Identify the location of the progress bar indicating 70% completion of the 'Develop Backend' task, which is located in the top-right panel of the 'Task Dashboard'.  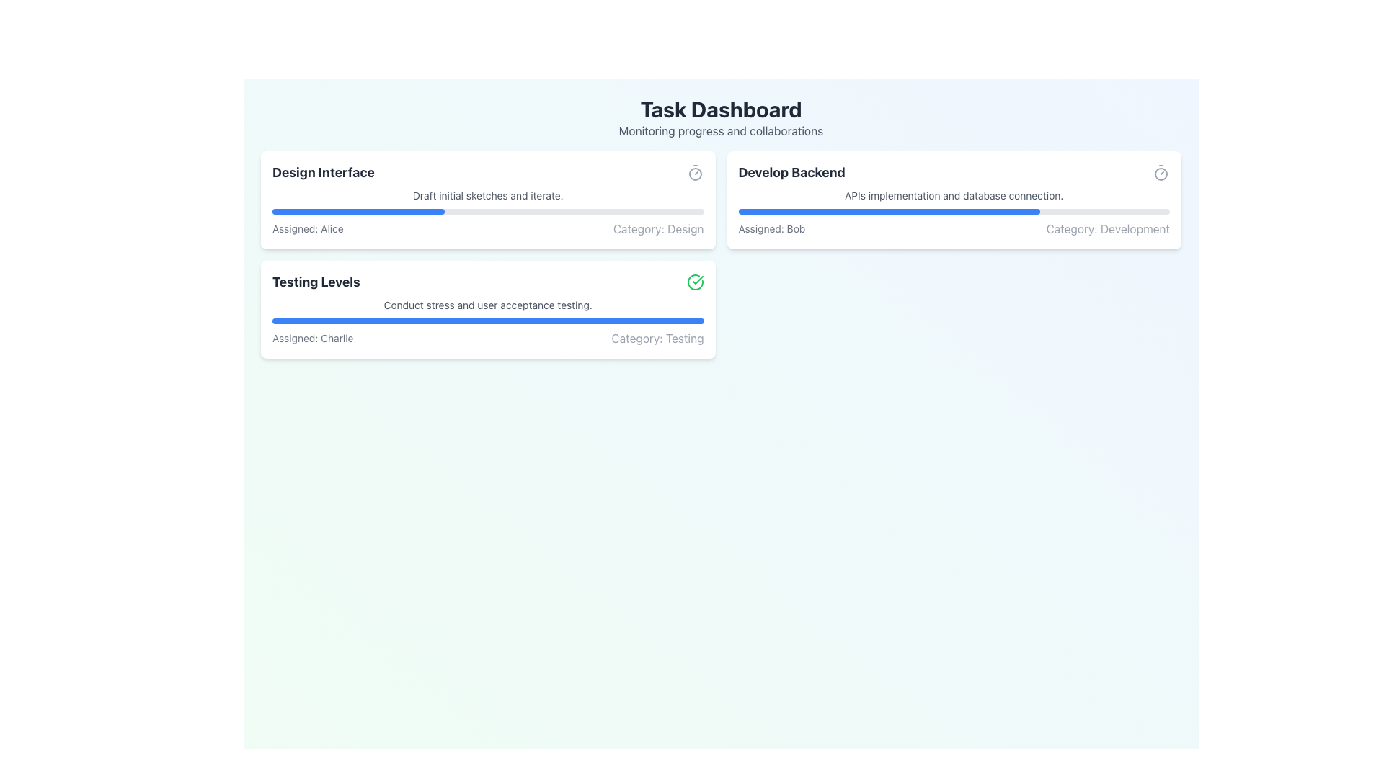
(888, 211).